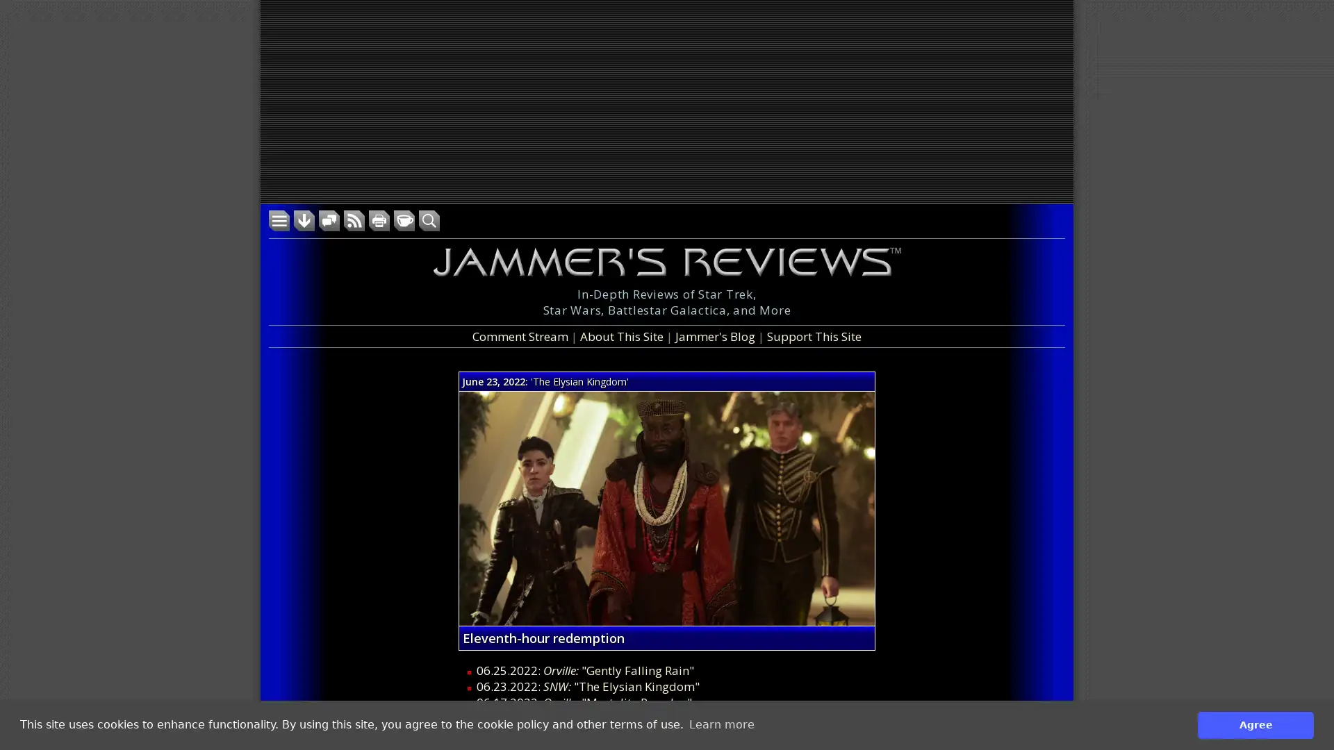 This screenshot has width=1334, height=750. What do you see at coordinates (721, 724) in the screenshot?
I see `learn more about cookies` at bounding box center [721, 724].